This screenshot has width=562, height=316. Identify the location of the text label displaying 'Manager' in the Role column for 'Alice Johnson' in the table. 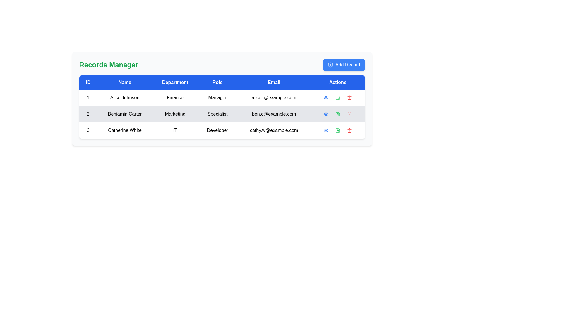
(217, 97).